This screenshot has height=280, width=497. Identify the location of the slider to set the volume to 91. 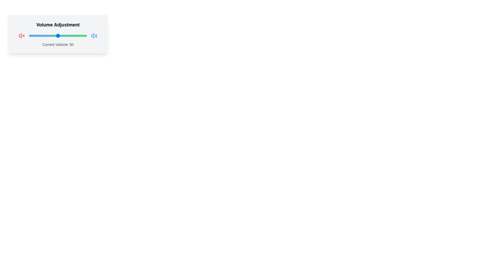
(81, 36).